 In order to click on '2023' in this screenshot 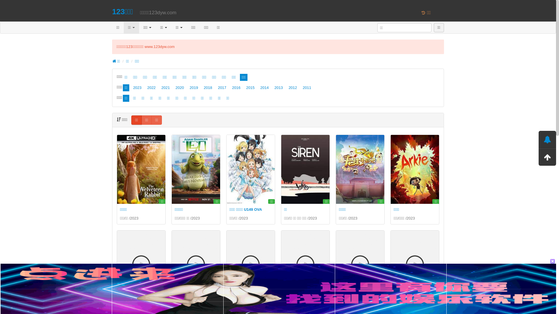, I will do `click(137, 88)`.